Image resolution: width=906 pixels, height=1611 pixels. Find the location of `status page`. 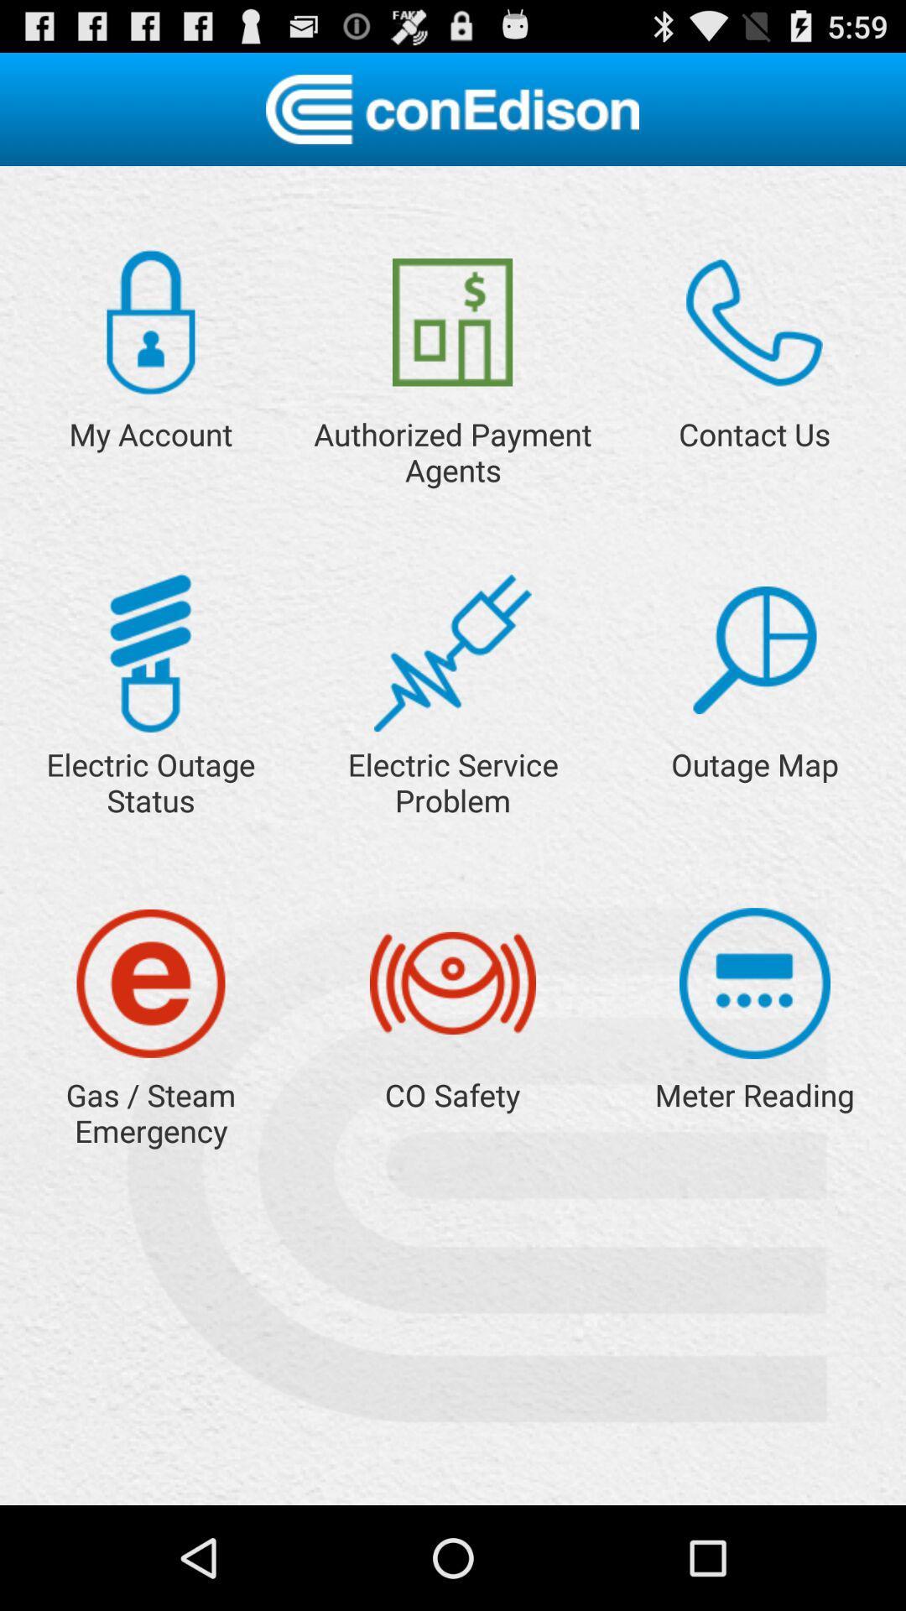

status page is located at coordinates (149, 652).